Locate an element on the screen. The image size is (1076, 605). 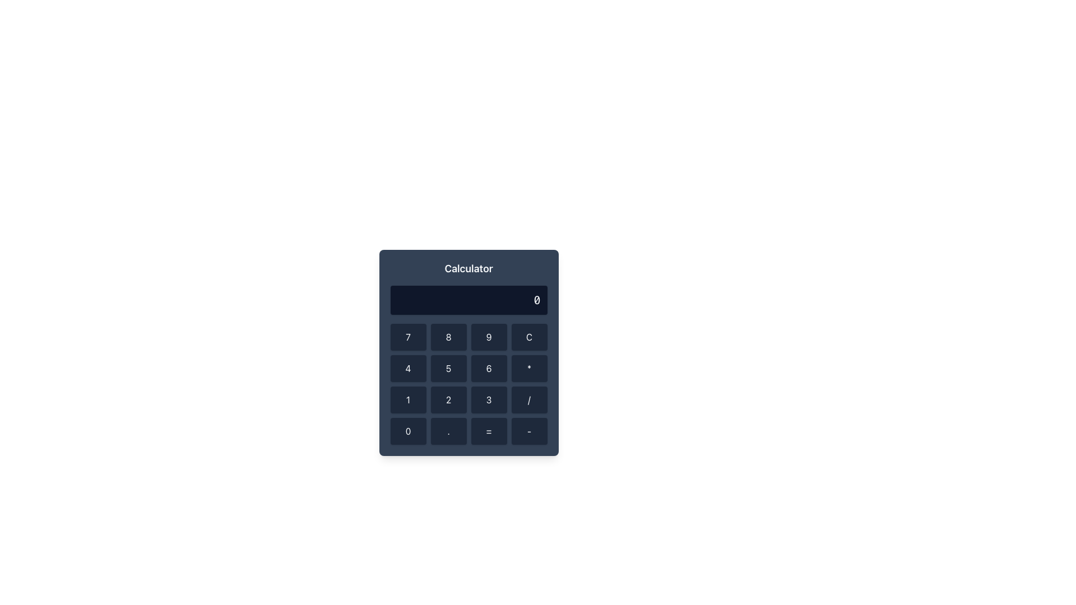
the button representing the numeral '3' to input the digit 3 into the calculator is located at coordinates (489, 399).